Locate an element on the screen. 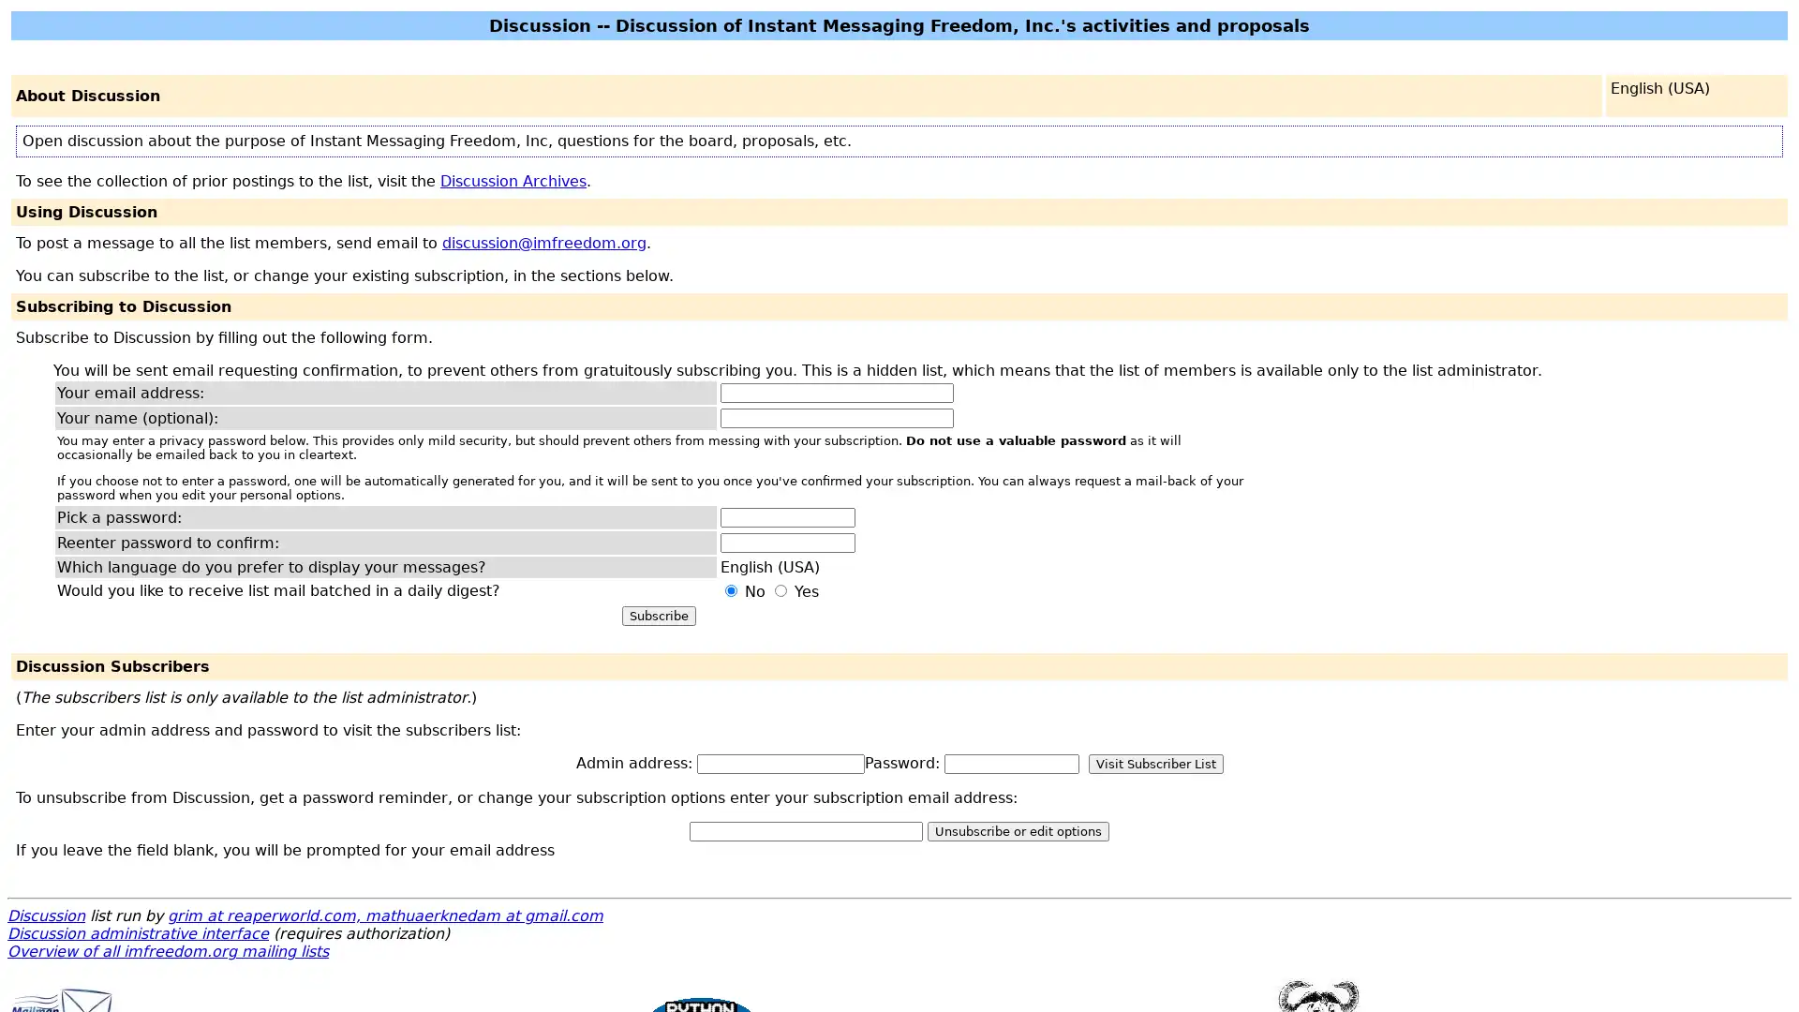 The width and height of the screenshot is (1799, 1012). Unsubscribe or edit options is located at coordinates (1017, 829).